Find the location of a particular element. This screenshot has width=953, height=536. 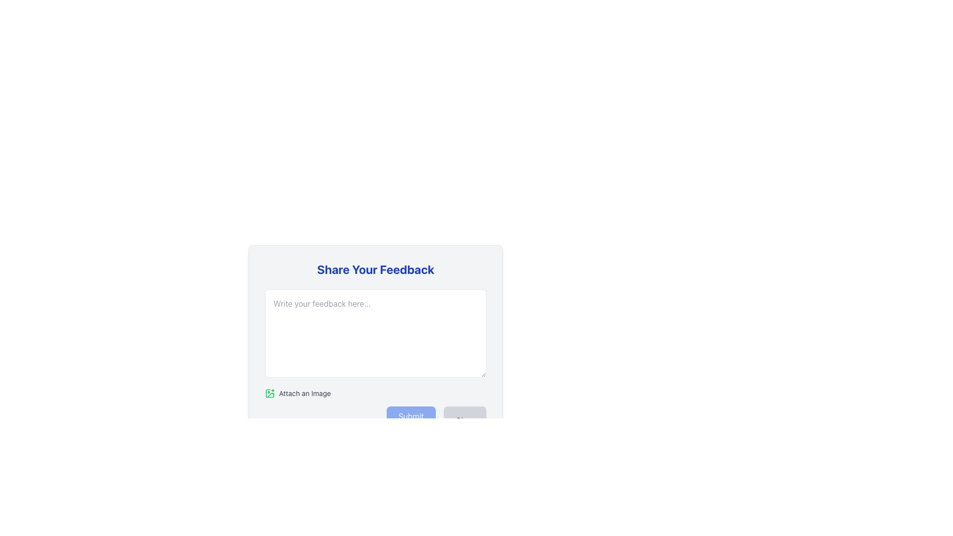

the submit feedback button located at the bottom-right section of the user feedback form is located at coordinates (411, 421).